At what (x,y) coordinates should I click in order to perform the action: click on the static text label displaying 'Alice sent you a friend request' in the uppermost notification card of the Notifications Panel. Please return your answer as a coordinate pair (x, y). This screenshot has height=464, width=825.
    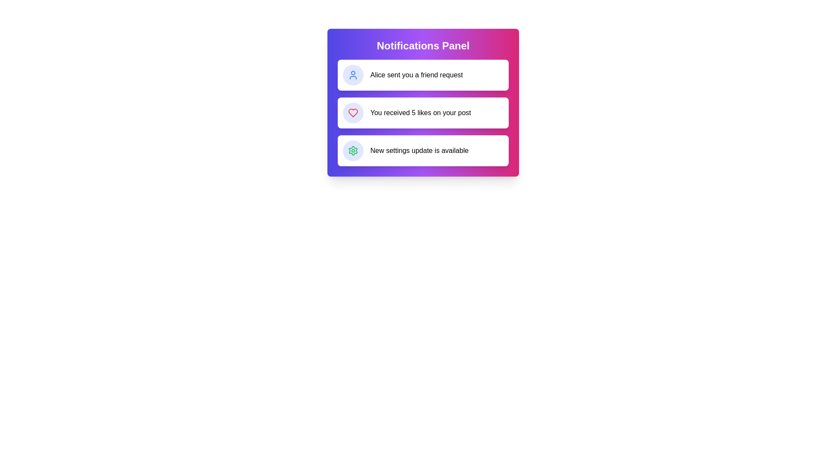
    Looking at the image, I should click on (416, 74).